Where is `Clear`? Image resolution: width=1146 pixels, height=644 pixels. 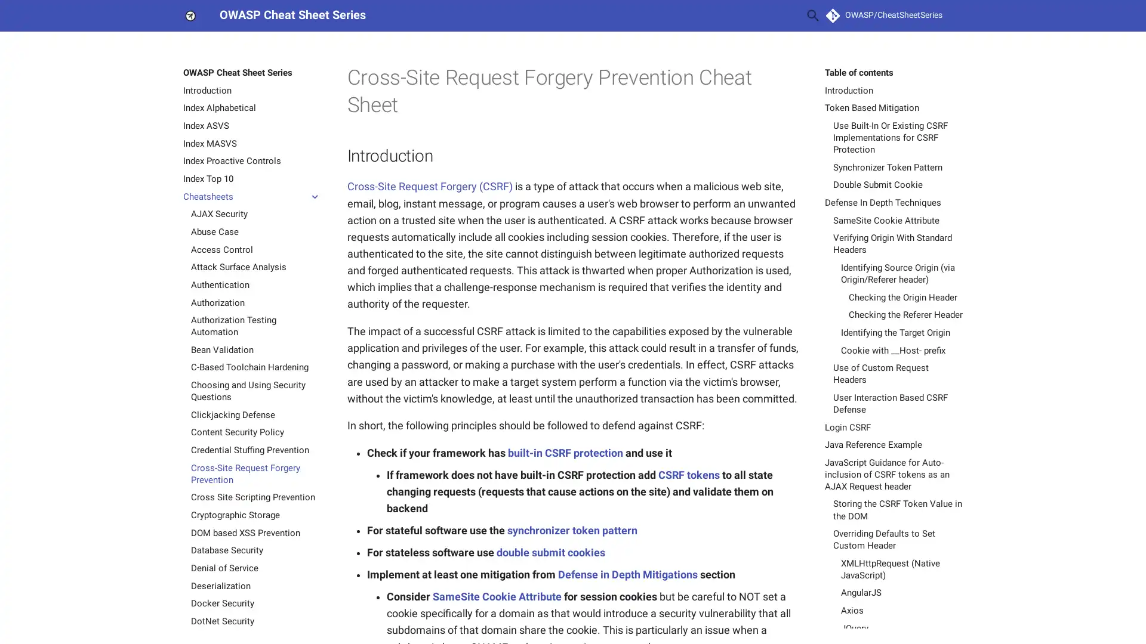
Clear is located at coordinates (784, 16).